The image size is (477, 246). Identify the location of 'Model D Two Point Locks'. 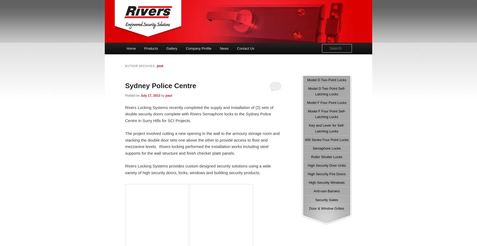
(326, 79).